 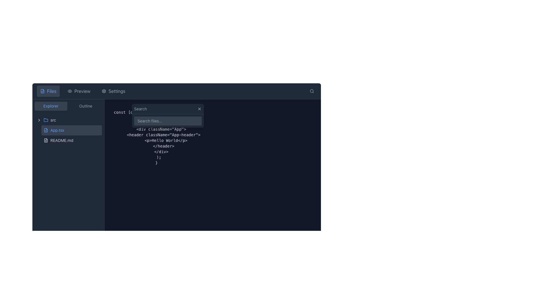 I want to click on the 'Explorer' navigation button located, so click(x=51, y=106).